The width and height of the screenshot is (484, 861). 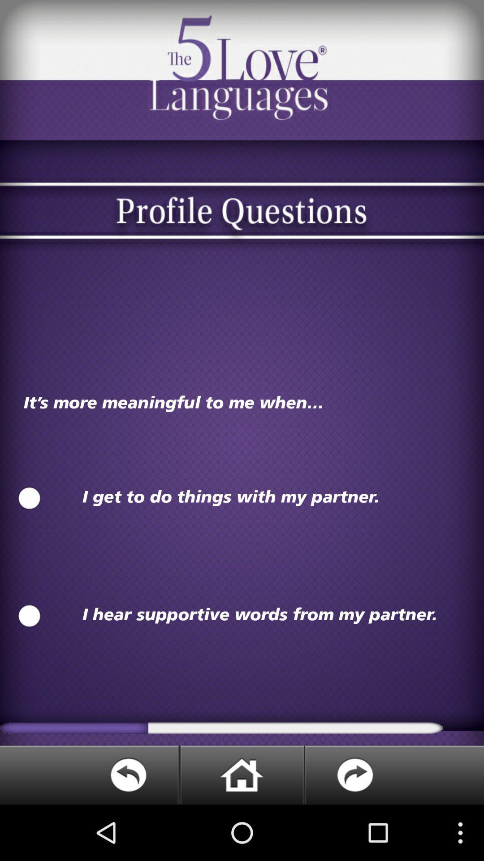 What do you see at coordinates (29, 498) in the screenshot?
I see `ok` at bounding box center [29, 498].